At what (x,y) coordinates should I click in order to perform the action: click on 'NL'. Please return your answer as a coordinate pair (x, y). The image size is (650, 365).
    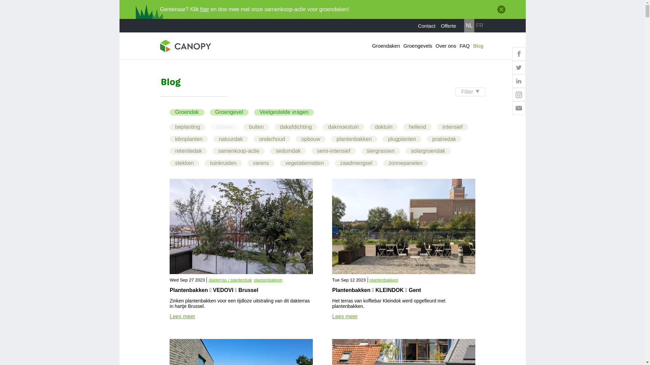
    Looking at the image, I should click on (469, 25).